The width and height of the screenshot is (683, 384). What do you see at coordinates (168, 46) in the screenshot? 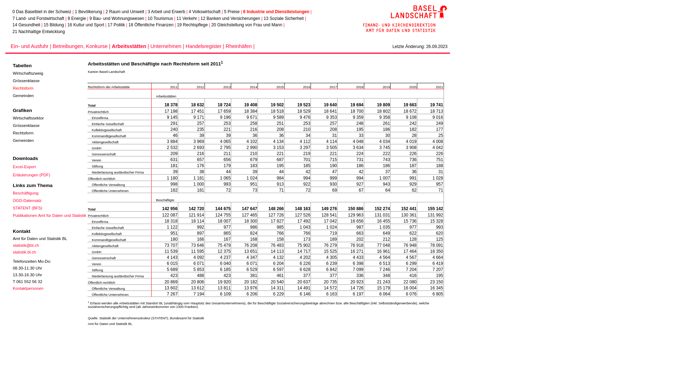
I see `'Unternehmen |'` at bounding box center [168, 46].